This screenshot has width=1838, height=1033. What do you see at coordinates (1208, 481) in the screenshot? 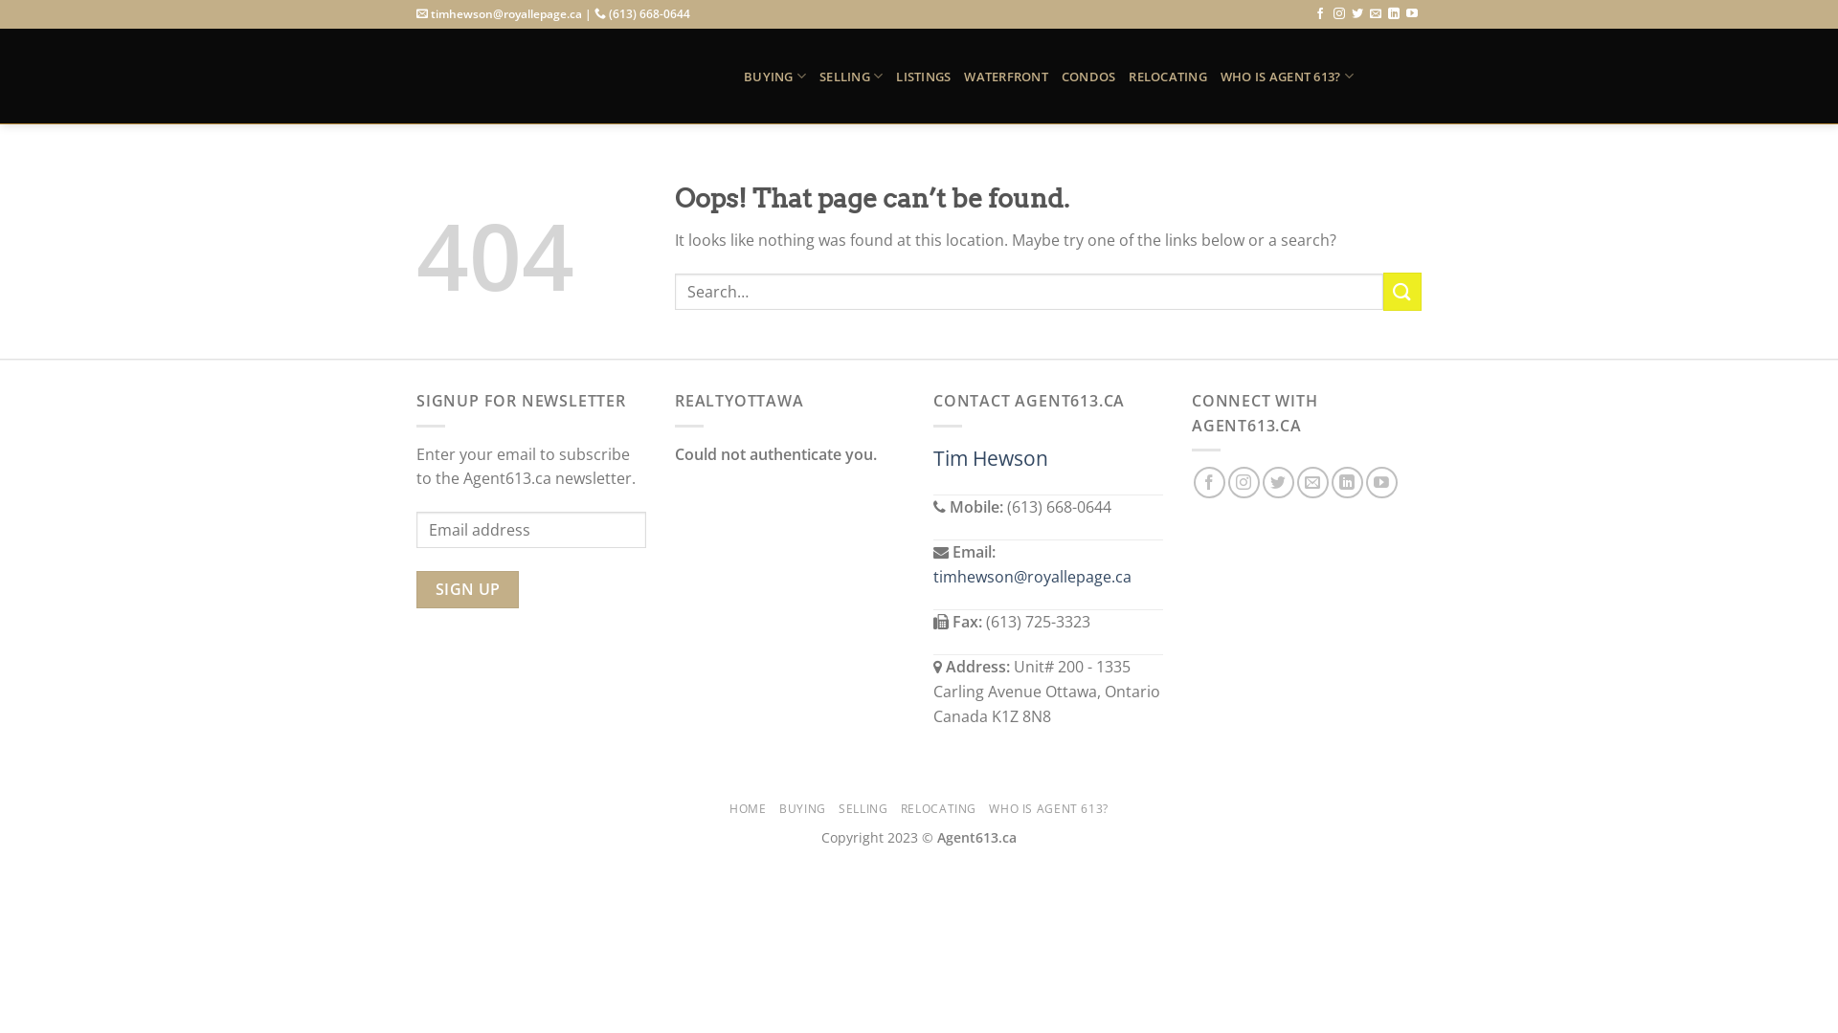
I see `'Follow on Facebook'` at bounding box center [1208, 481].